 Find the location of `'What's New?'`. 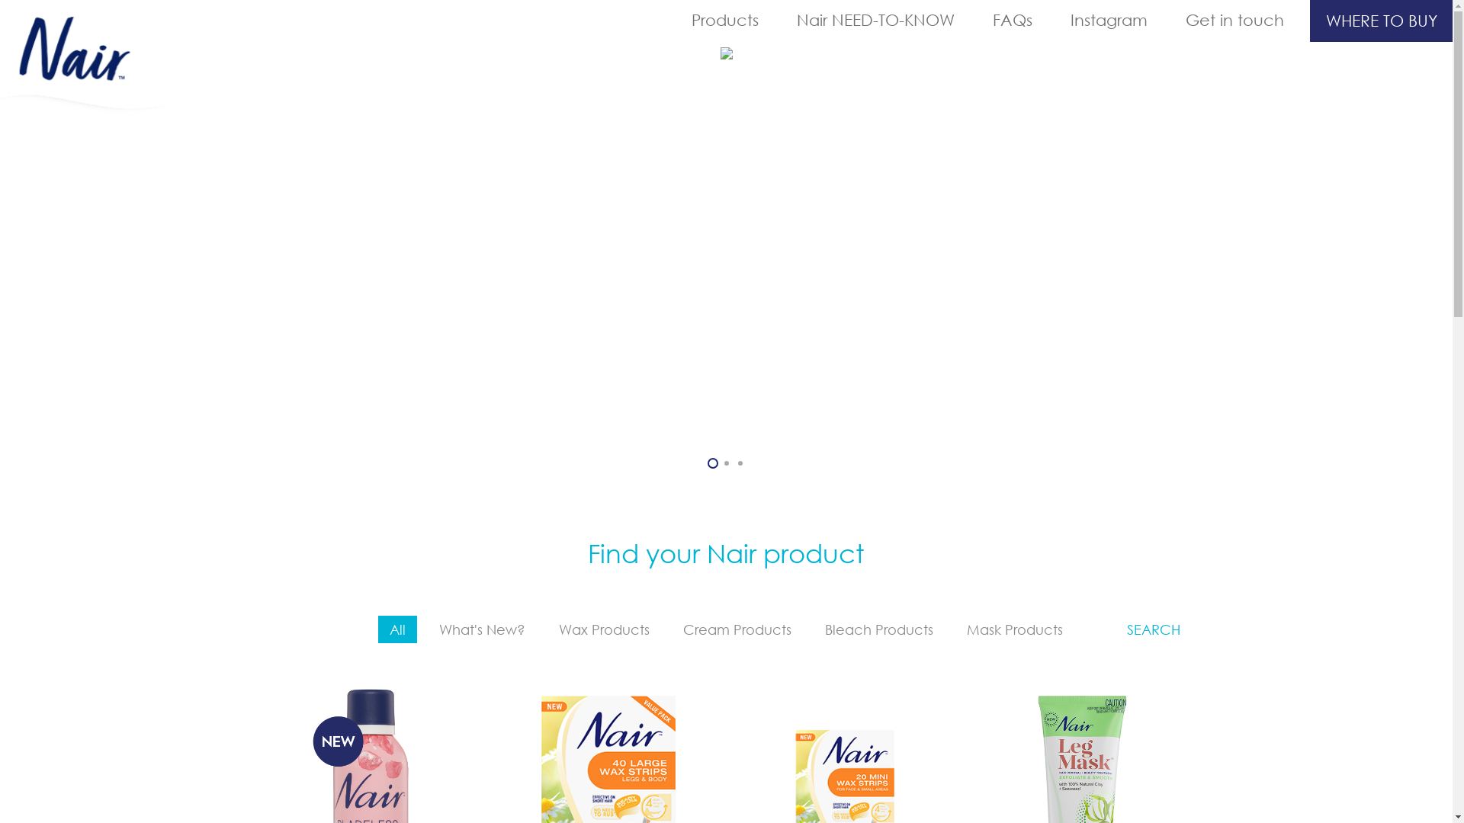

'What's New?' is located at coordinates (481, 629).